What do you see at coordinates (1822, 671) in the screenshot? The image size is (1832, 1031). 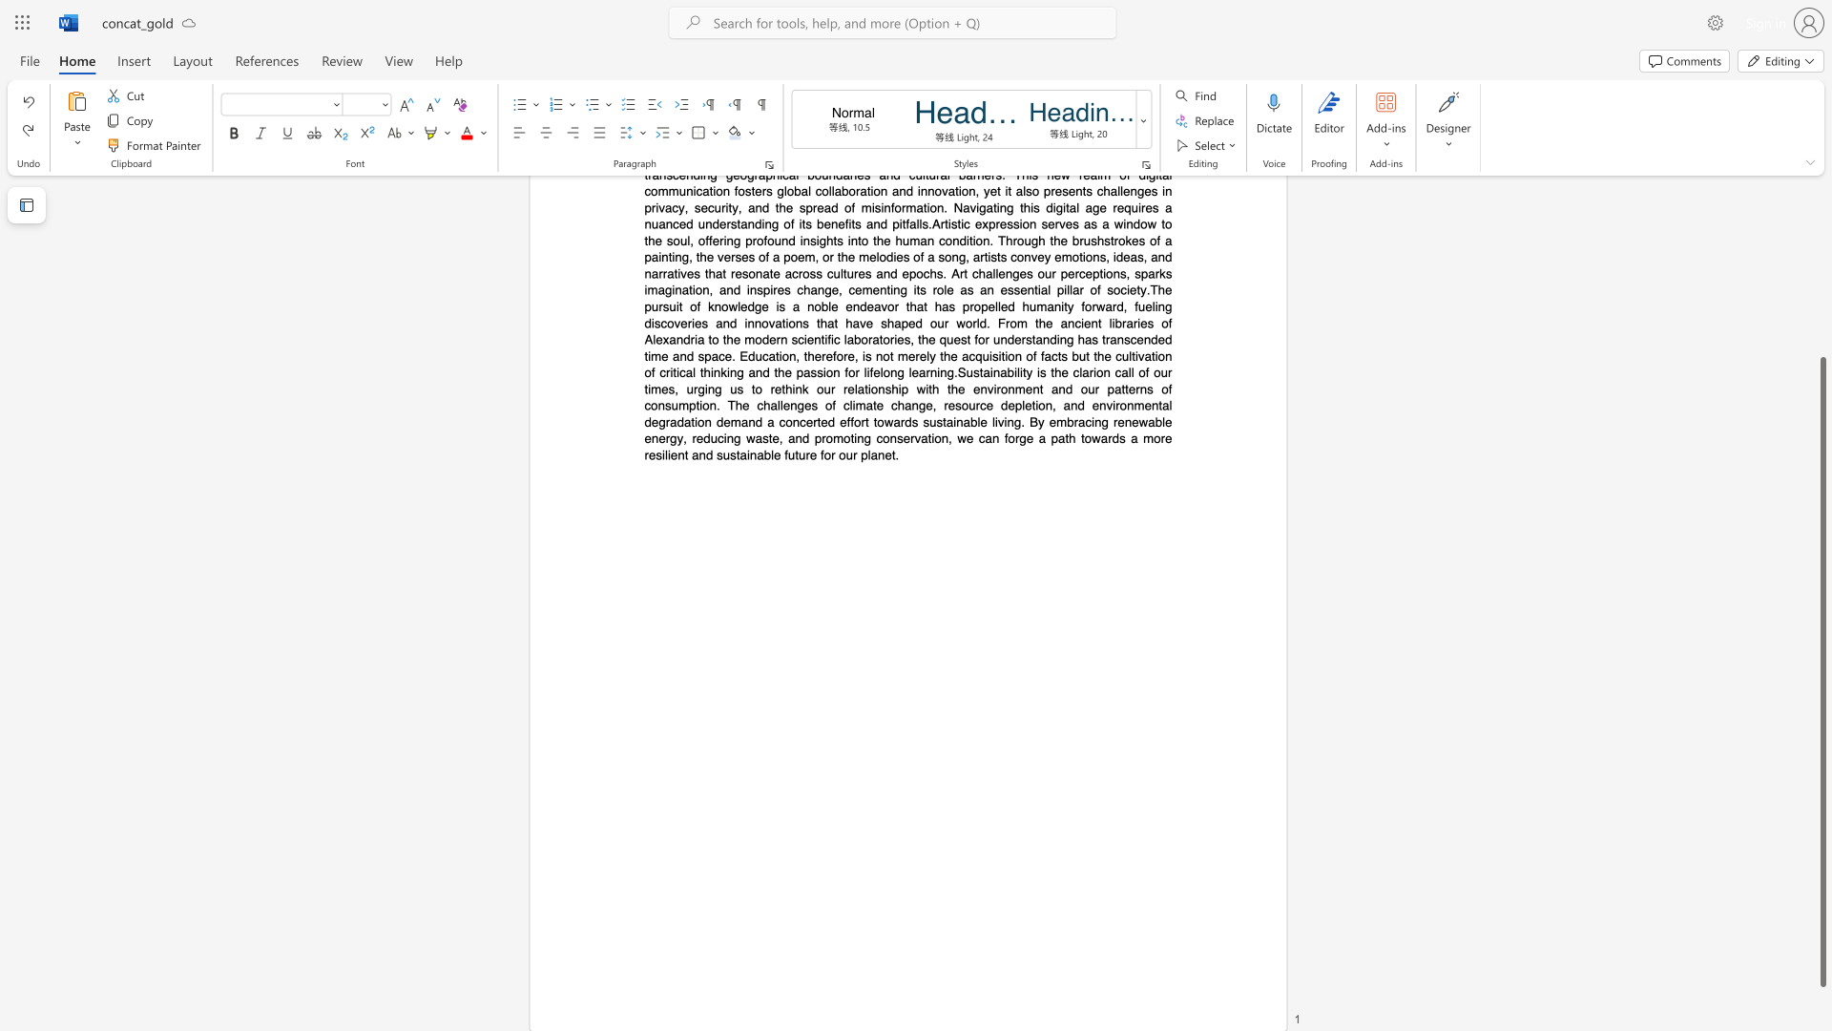 I see `the scrollbar and move down 10 pixels` at bounding box center [1822, 671].